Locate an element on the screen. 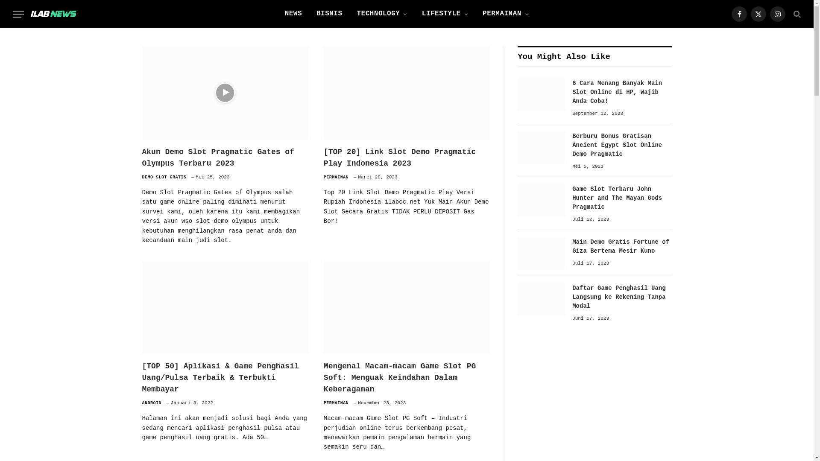  'BISNIS' is located at coordinates (329, 14).